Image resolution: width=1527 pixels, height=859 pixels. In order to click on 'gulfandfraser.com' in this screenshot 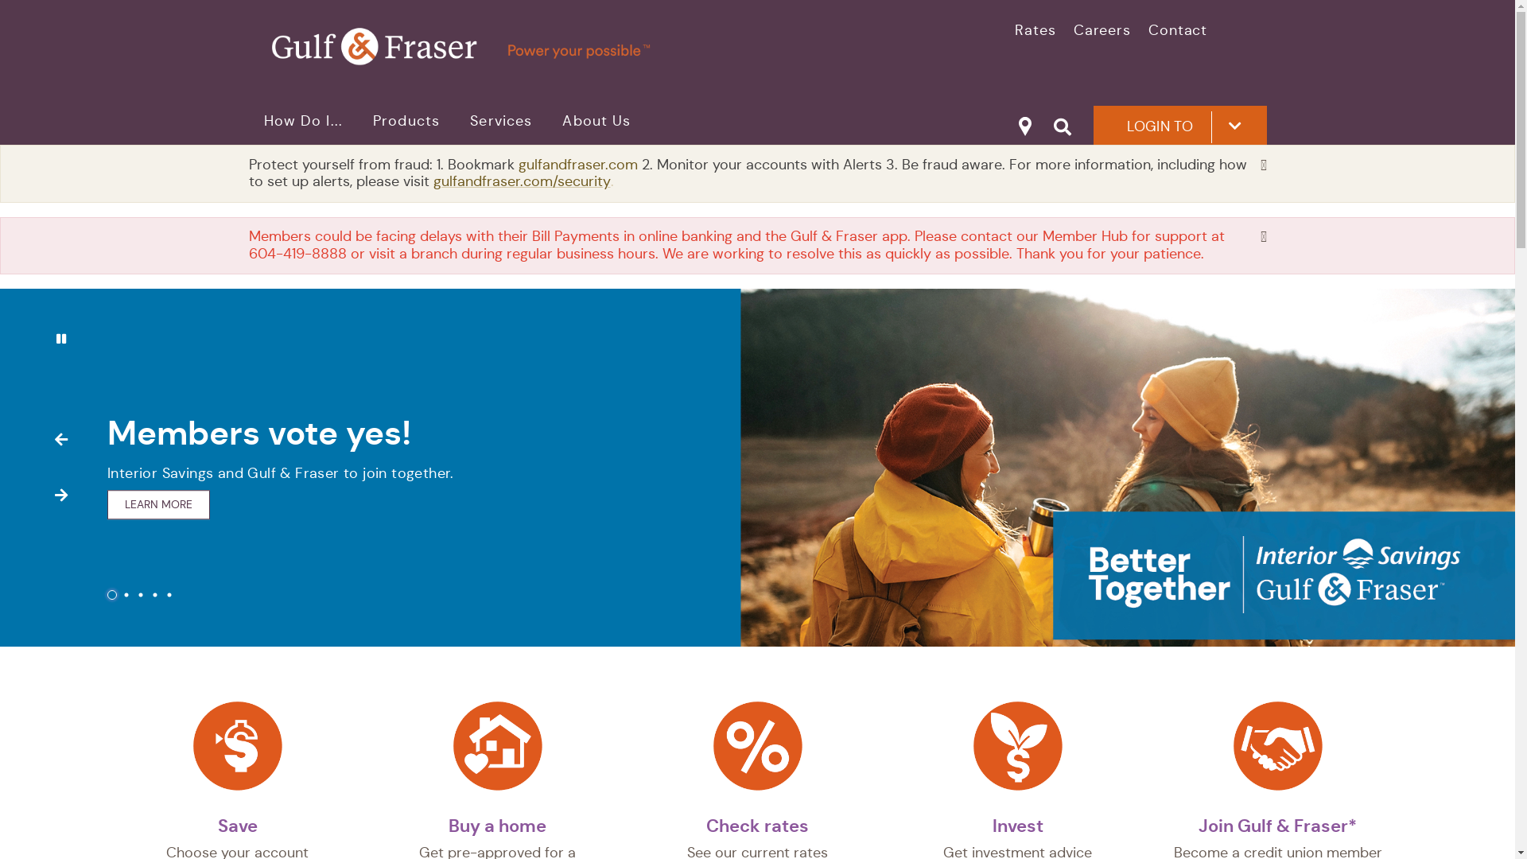, I will do `click(579, 165)`.